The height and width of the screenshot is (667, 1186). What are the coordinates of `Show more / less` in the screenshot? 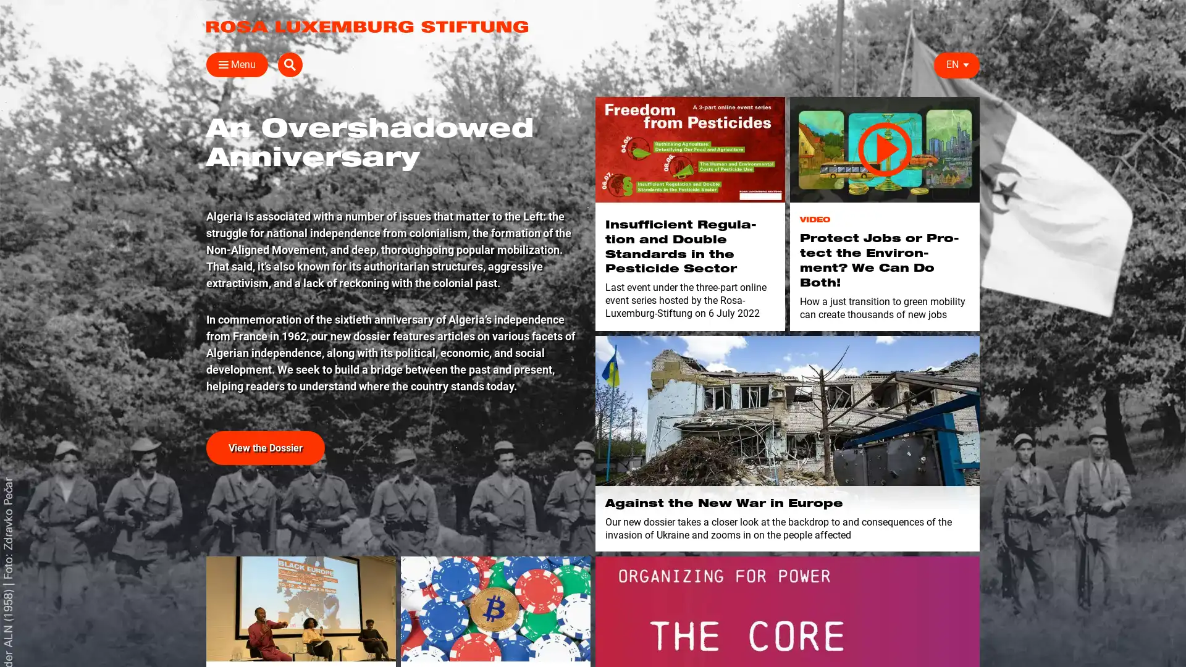 It's located at (393, 185).